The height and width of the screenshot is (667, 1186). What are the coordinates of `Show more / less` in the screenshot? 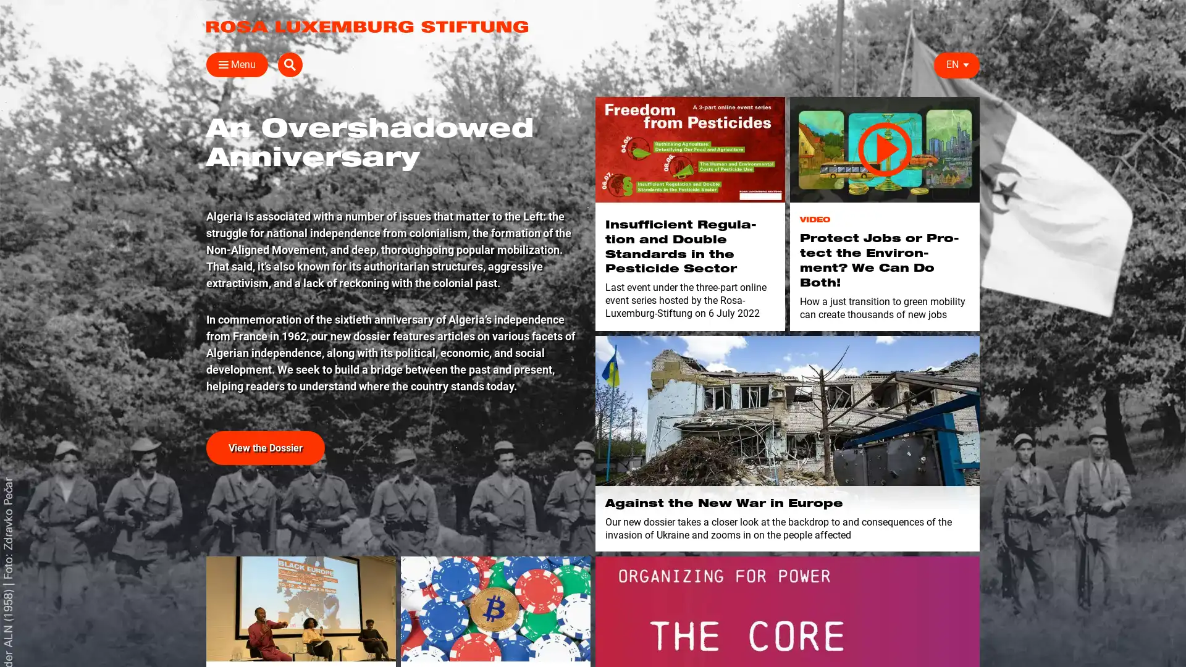 It's located at (393, 185).